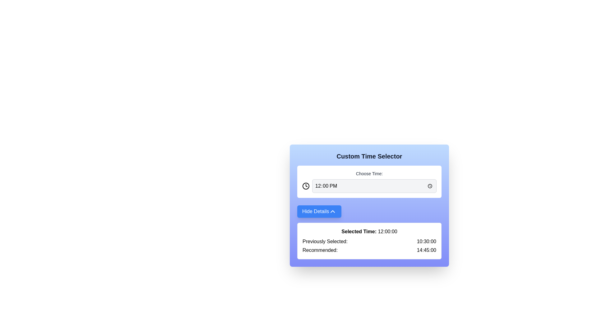  Describe the element at coordinates (306, 186) in the screenshot. I see `the clock icon which has a circular frame and clock hands, located to the left of the time input field` at that location.